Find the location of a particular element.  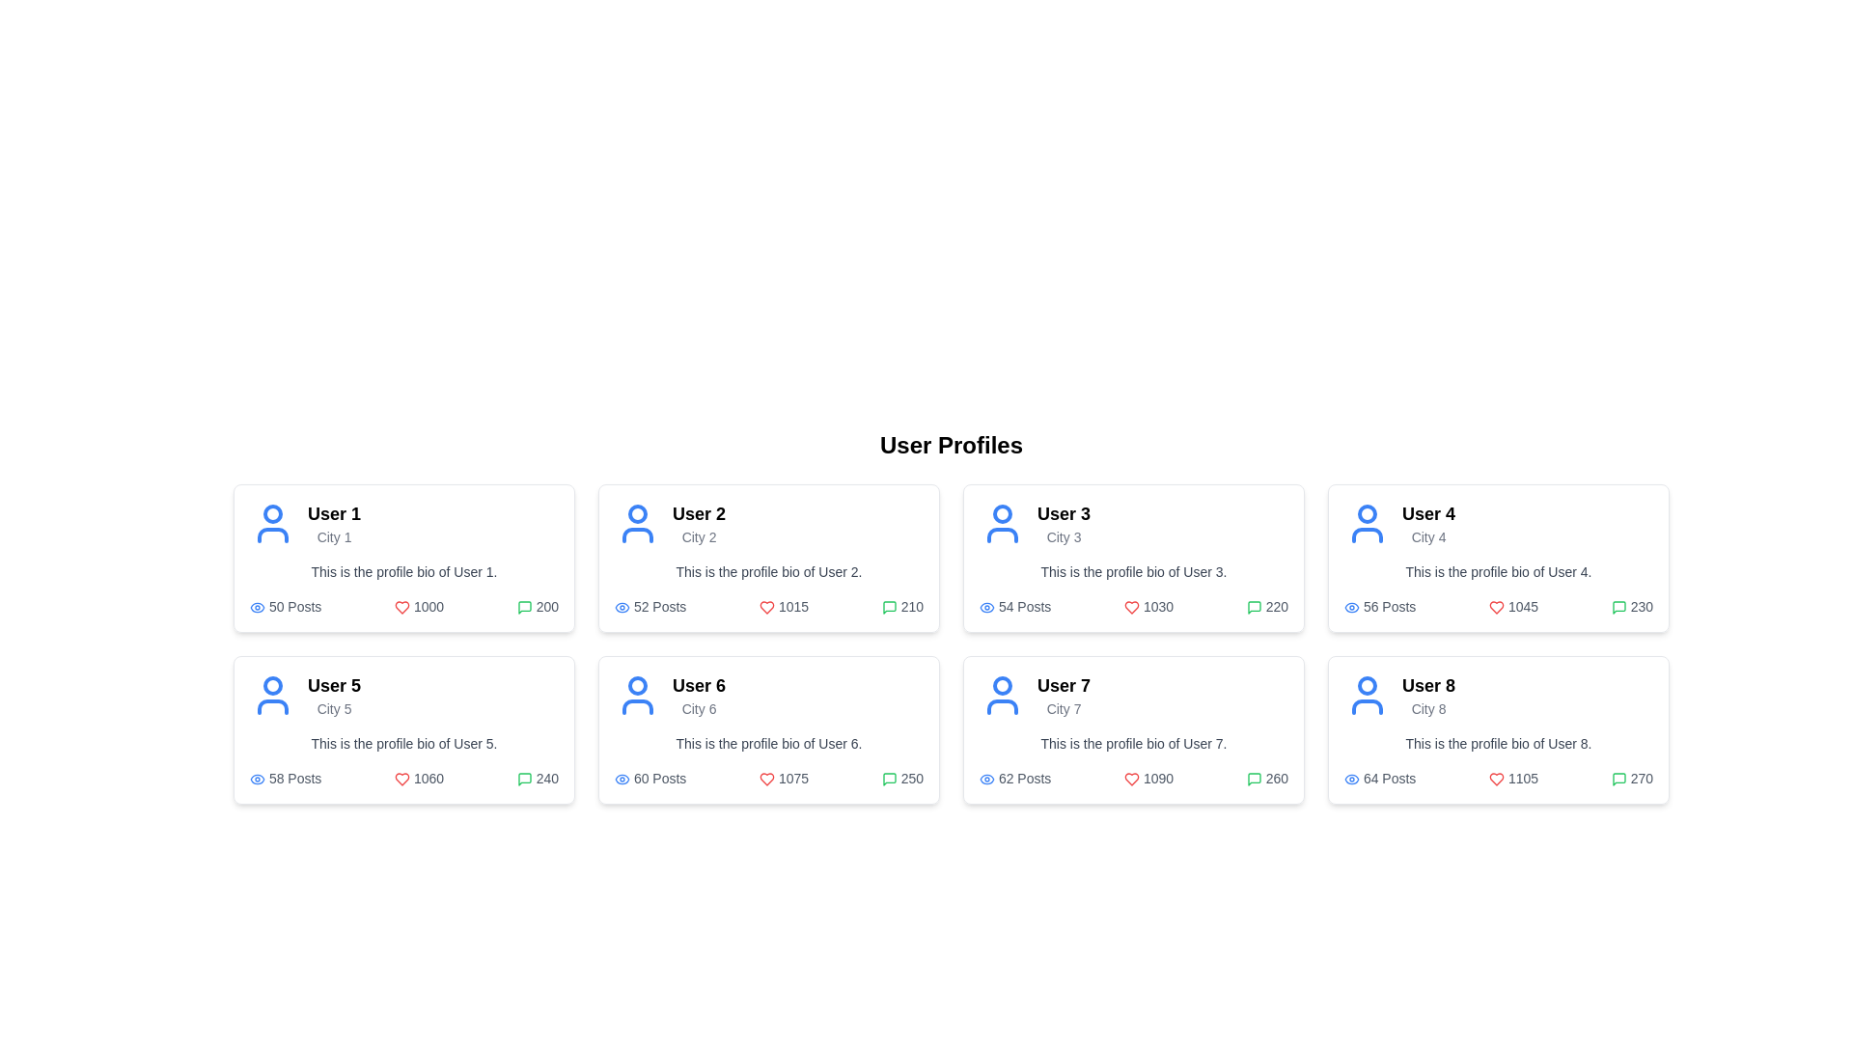

the comments icon associated with User 2's profile in the second profile card is located at coordinates (888, 608).